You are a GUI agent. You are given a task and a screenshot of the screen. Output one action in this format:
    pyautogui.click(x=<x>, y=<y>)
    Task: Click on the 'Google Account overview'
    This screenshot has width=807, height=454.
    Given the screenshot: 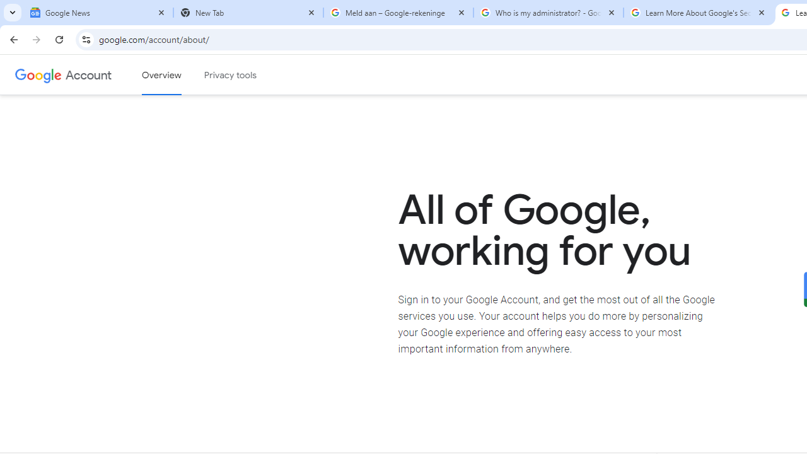 What is the action you would take?
    pyautogui.click(x=161, y=75)
    